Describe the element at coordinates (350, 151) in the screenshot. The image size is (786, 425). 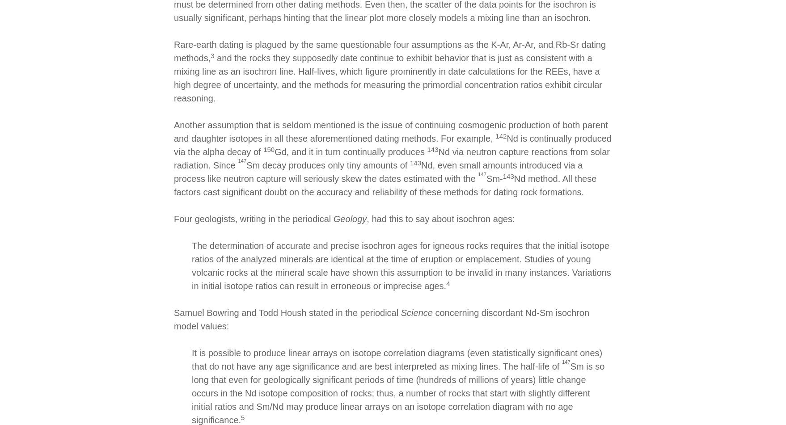
I see `'Gd, and it in turn continually produces'` at that location.